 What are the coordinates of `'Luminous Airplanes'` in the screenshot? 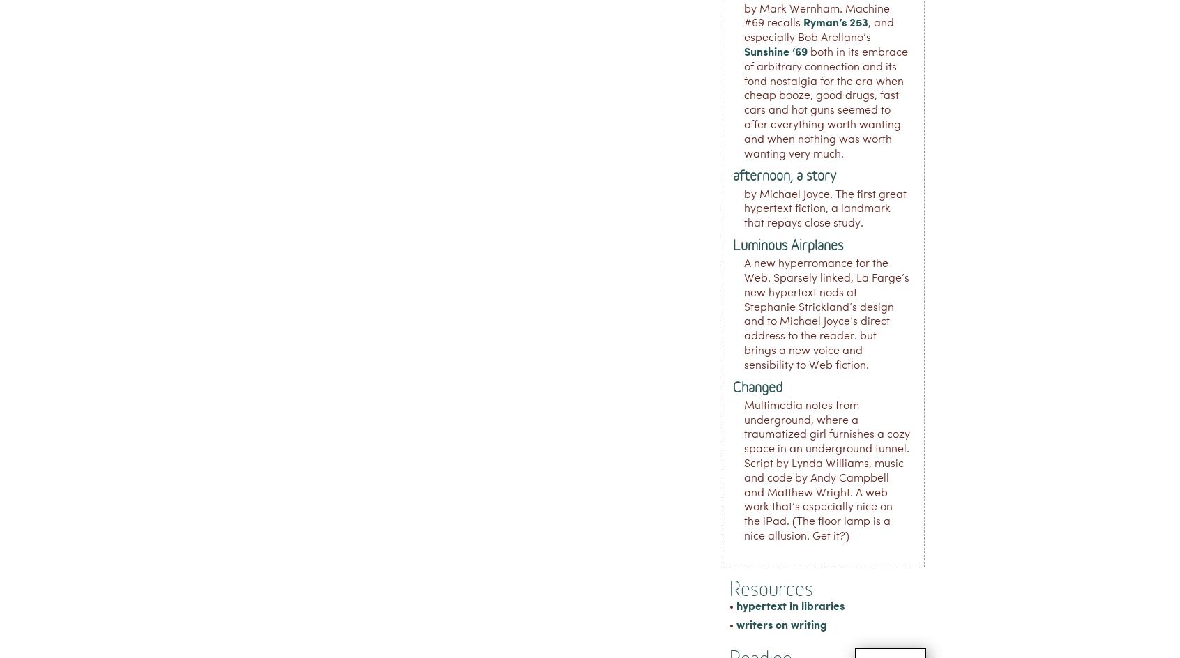 It's located at (787, 243).